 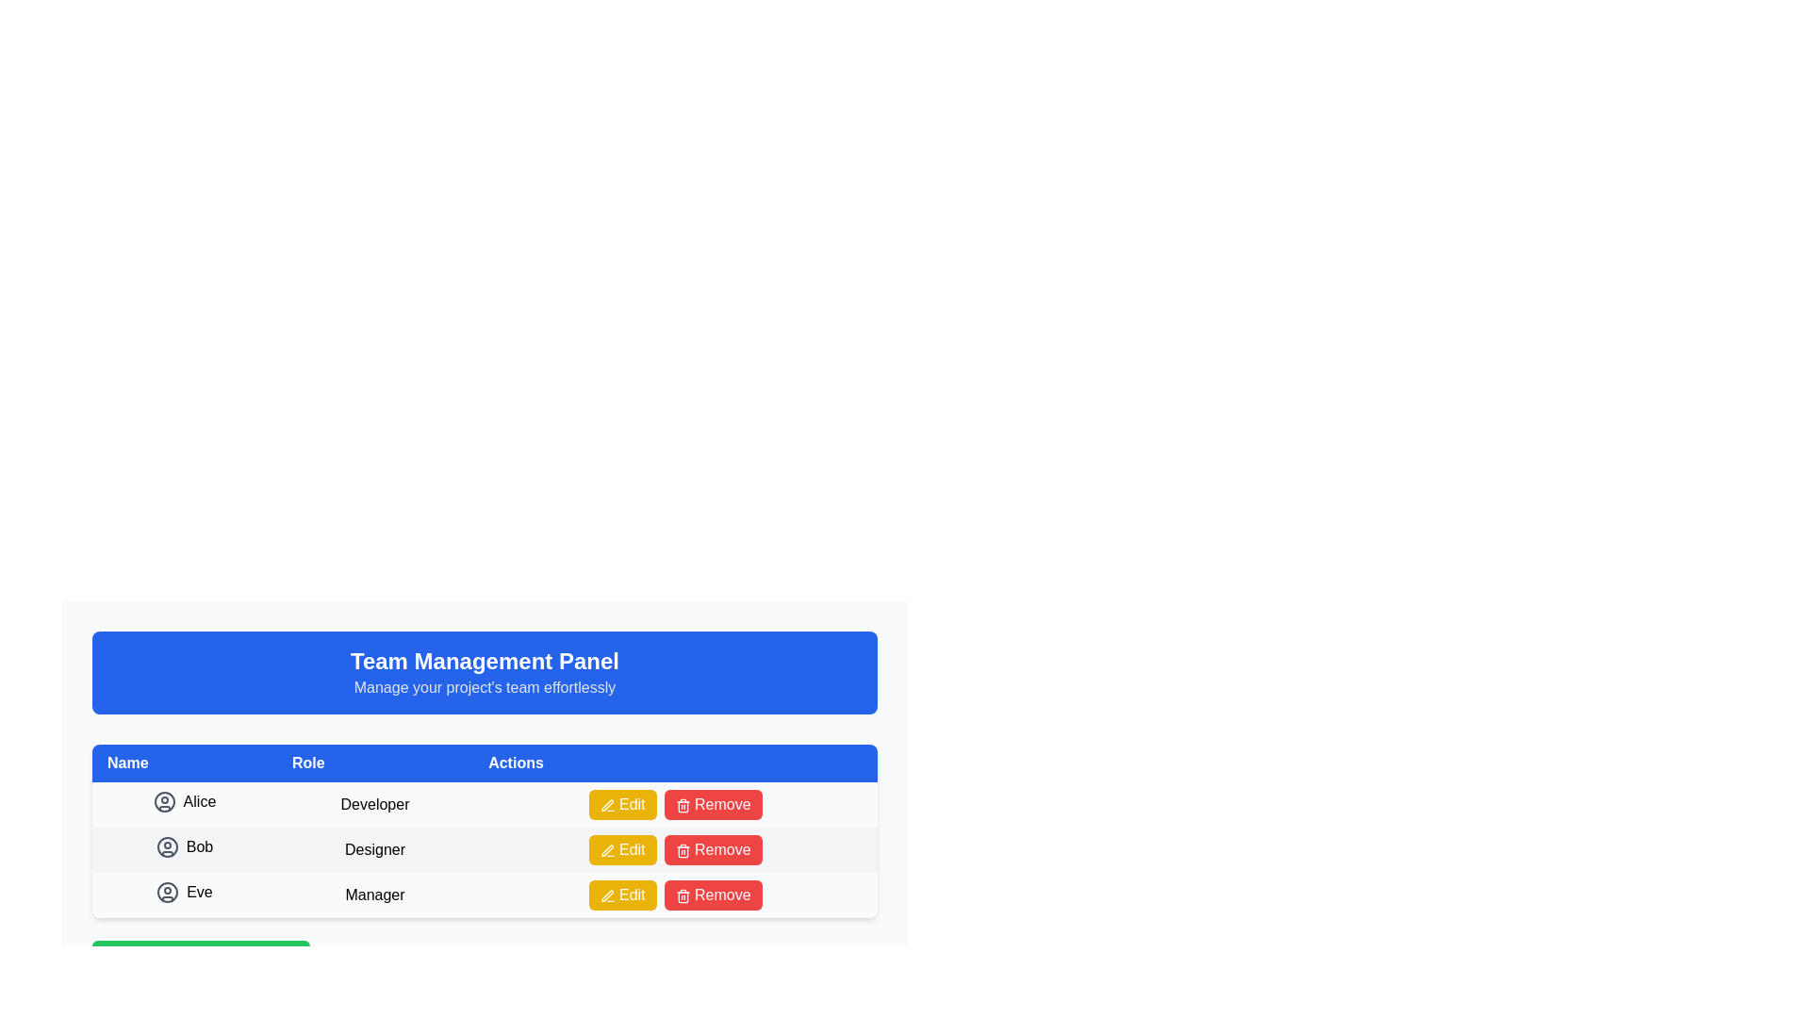 What do you see at coordinates (622, 850) in the screenshot?
I see `the 'Edit' button located in the second row of the 'Actions' column within the table` at bounding box center [622, 850].